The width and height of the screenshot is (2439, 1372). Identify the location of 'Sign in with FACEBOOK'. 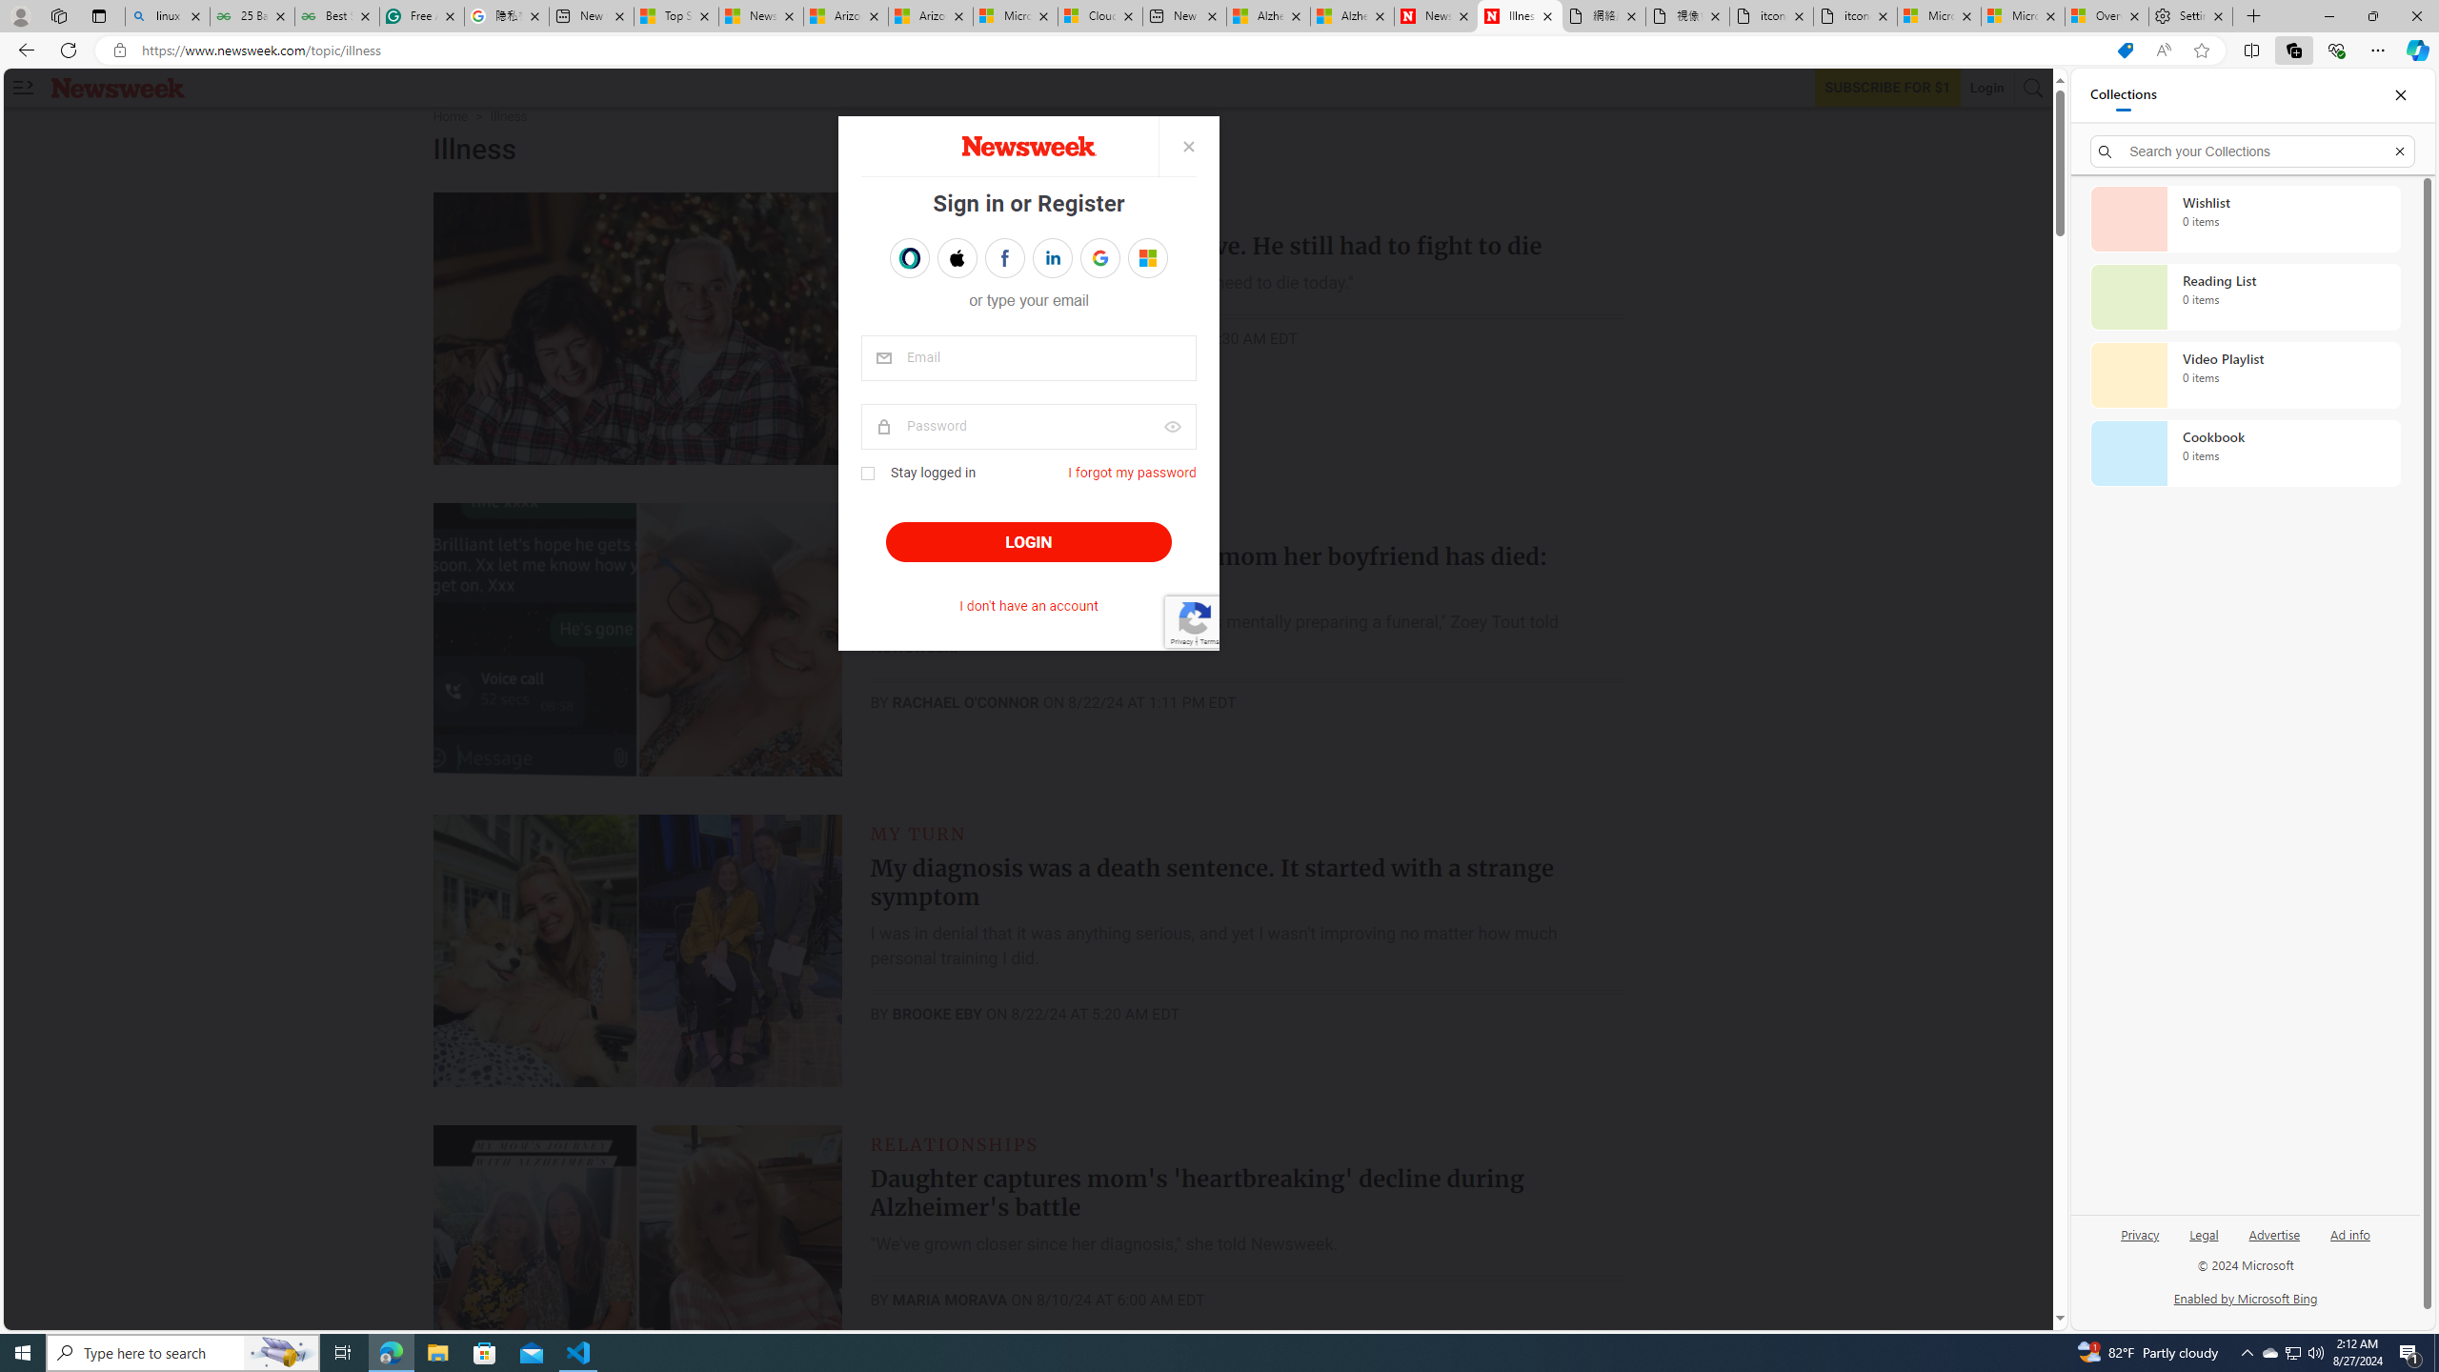
(1003, 258).